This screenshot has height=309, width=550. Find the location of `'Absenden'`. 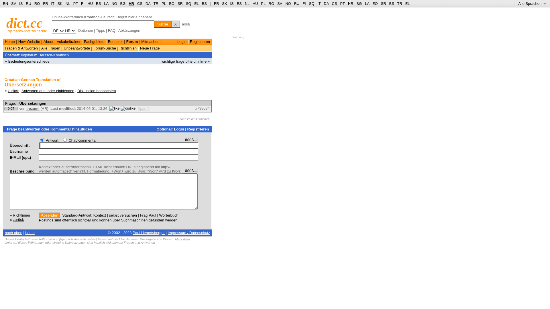

'Absenden' is located at coordinates (49, 215).